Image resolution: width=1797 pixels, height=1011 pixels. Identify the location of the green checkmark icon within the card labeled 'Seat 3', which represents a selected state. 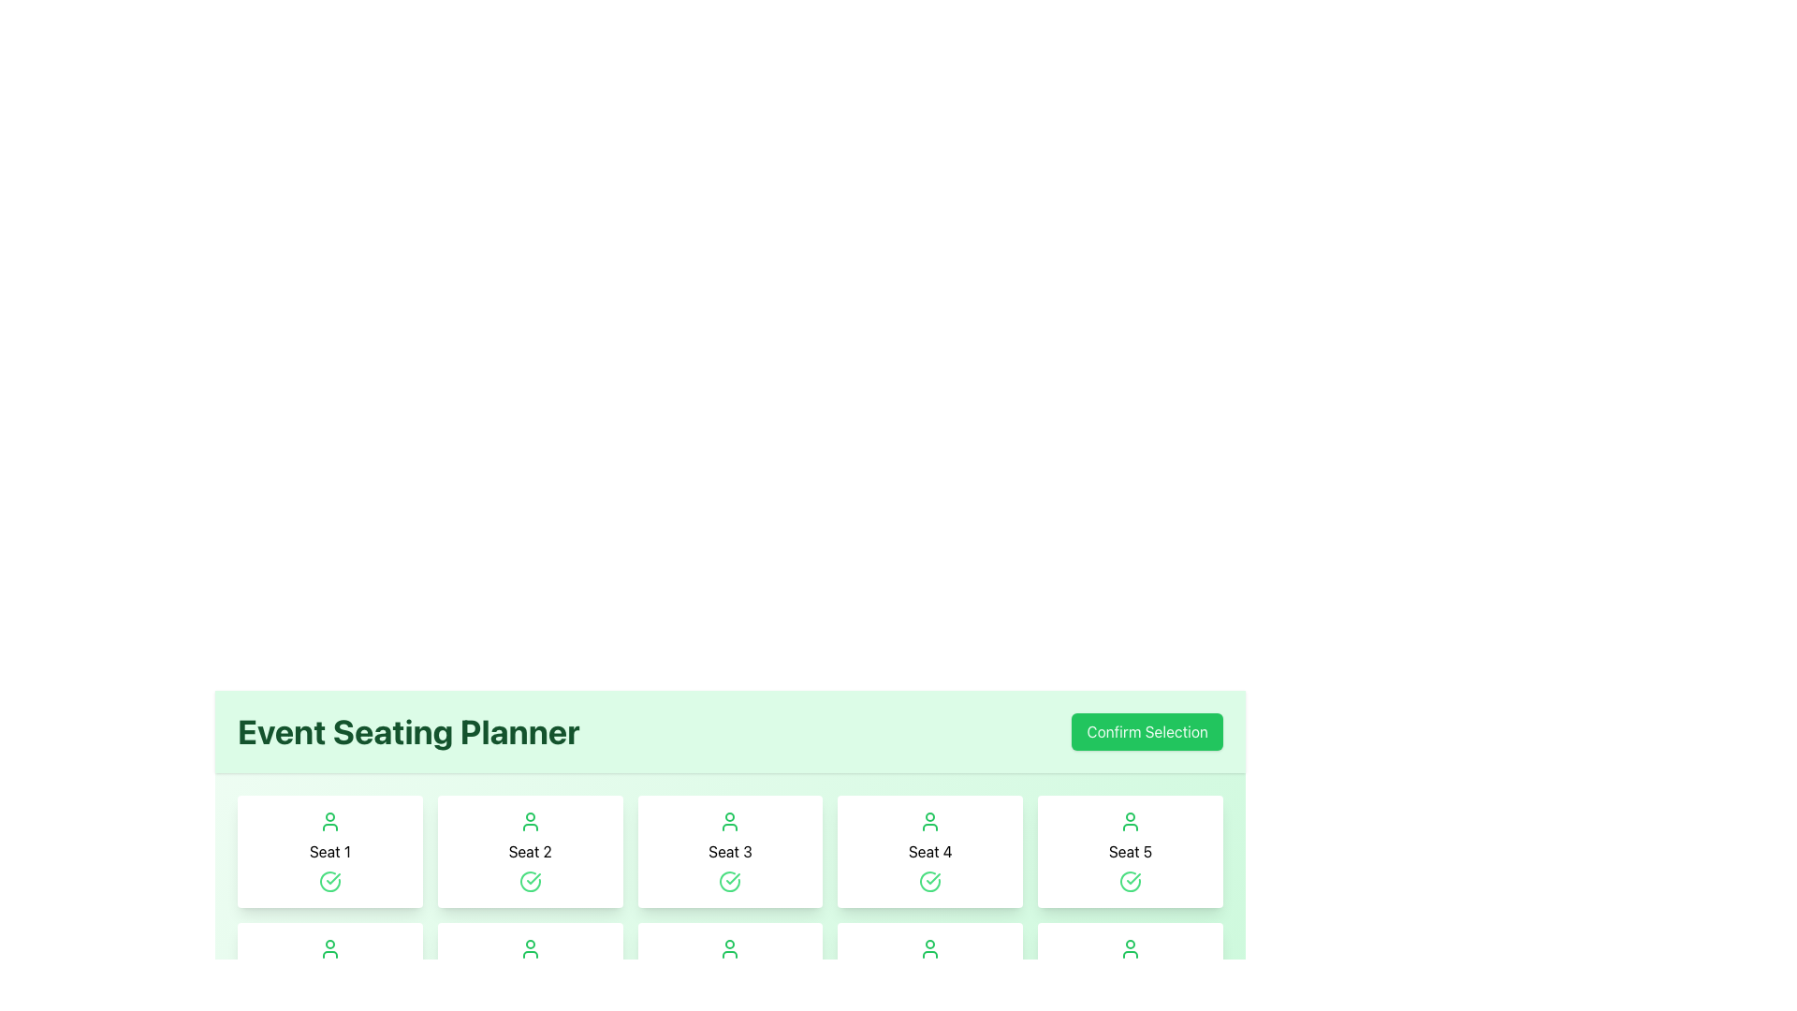
(729, 881).